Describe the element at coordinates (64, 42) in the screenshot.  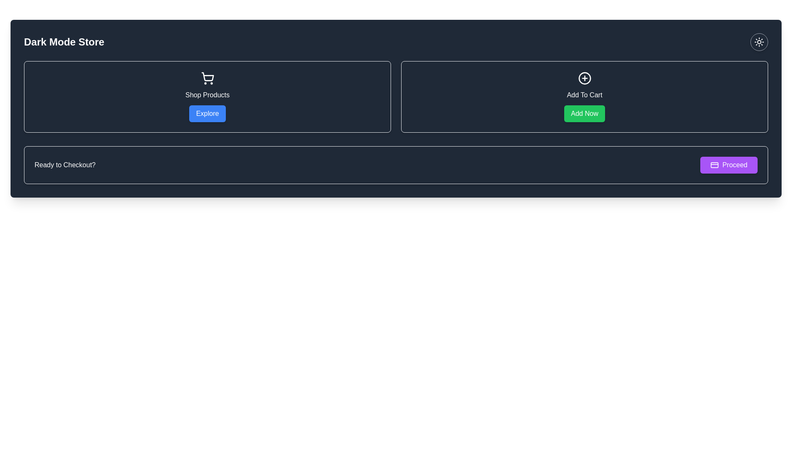
I see `the 'Dark Mode Store' text label, which is prominently displayed in a large, bold font in the upper-left section of the interface, indicating its importance within the header bar` at that location.